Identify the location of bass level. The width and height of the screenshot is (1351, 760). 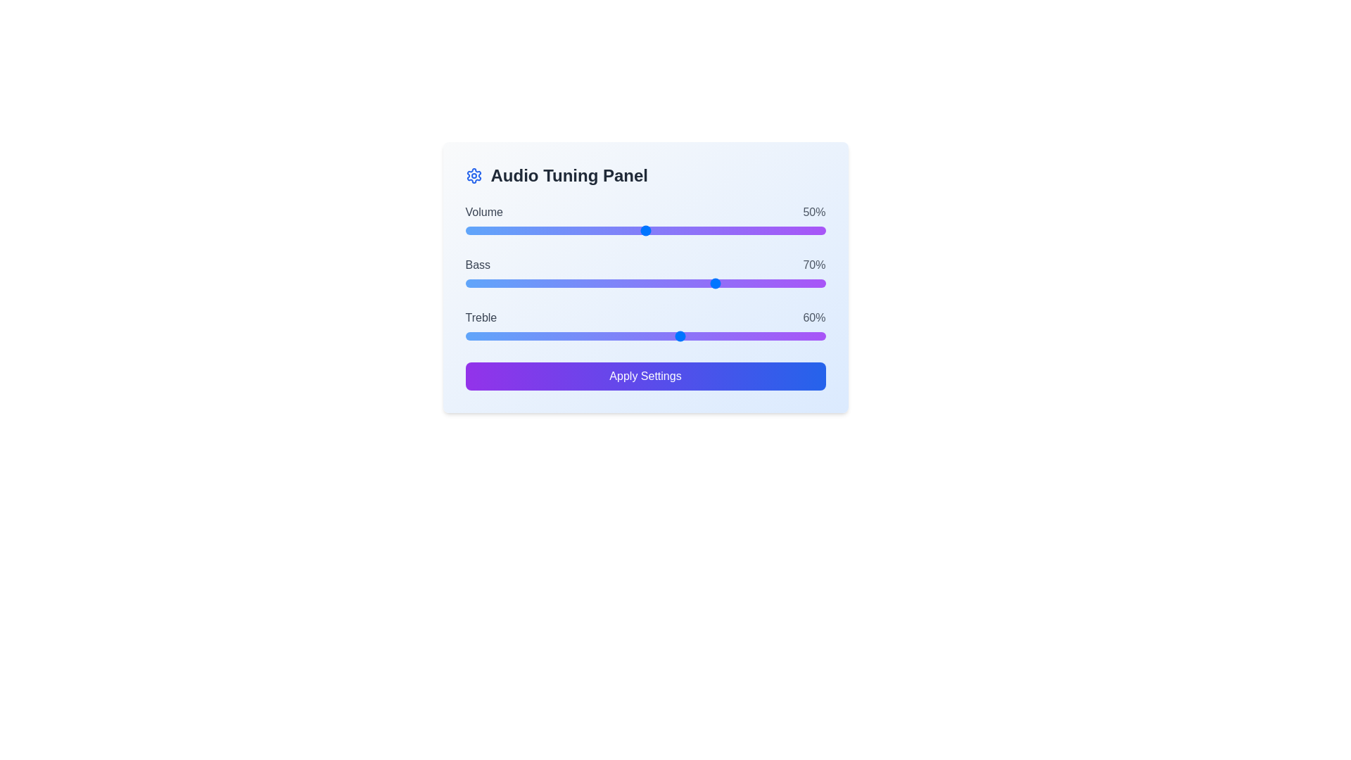
(659, 283).